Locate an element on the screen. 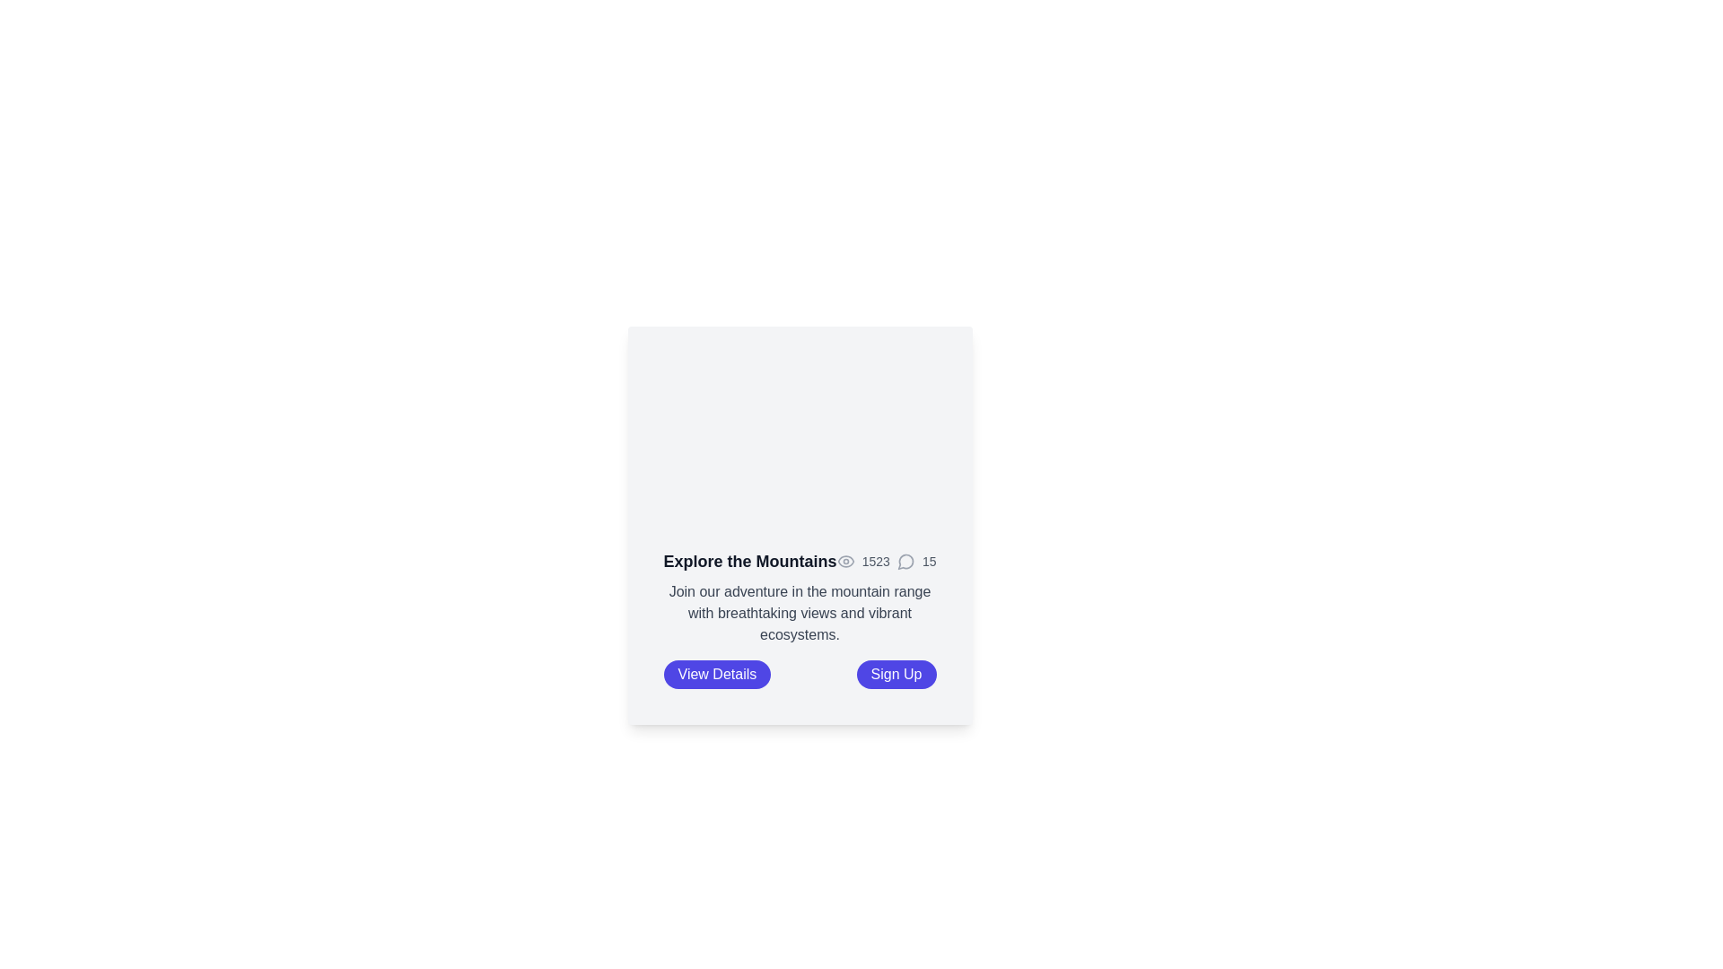  the sign-up button located at the bottom-right corner of the card layout, adjacent to the 'View Details' button is located at coordinates (896, 675).